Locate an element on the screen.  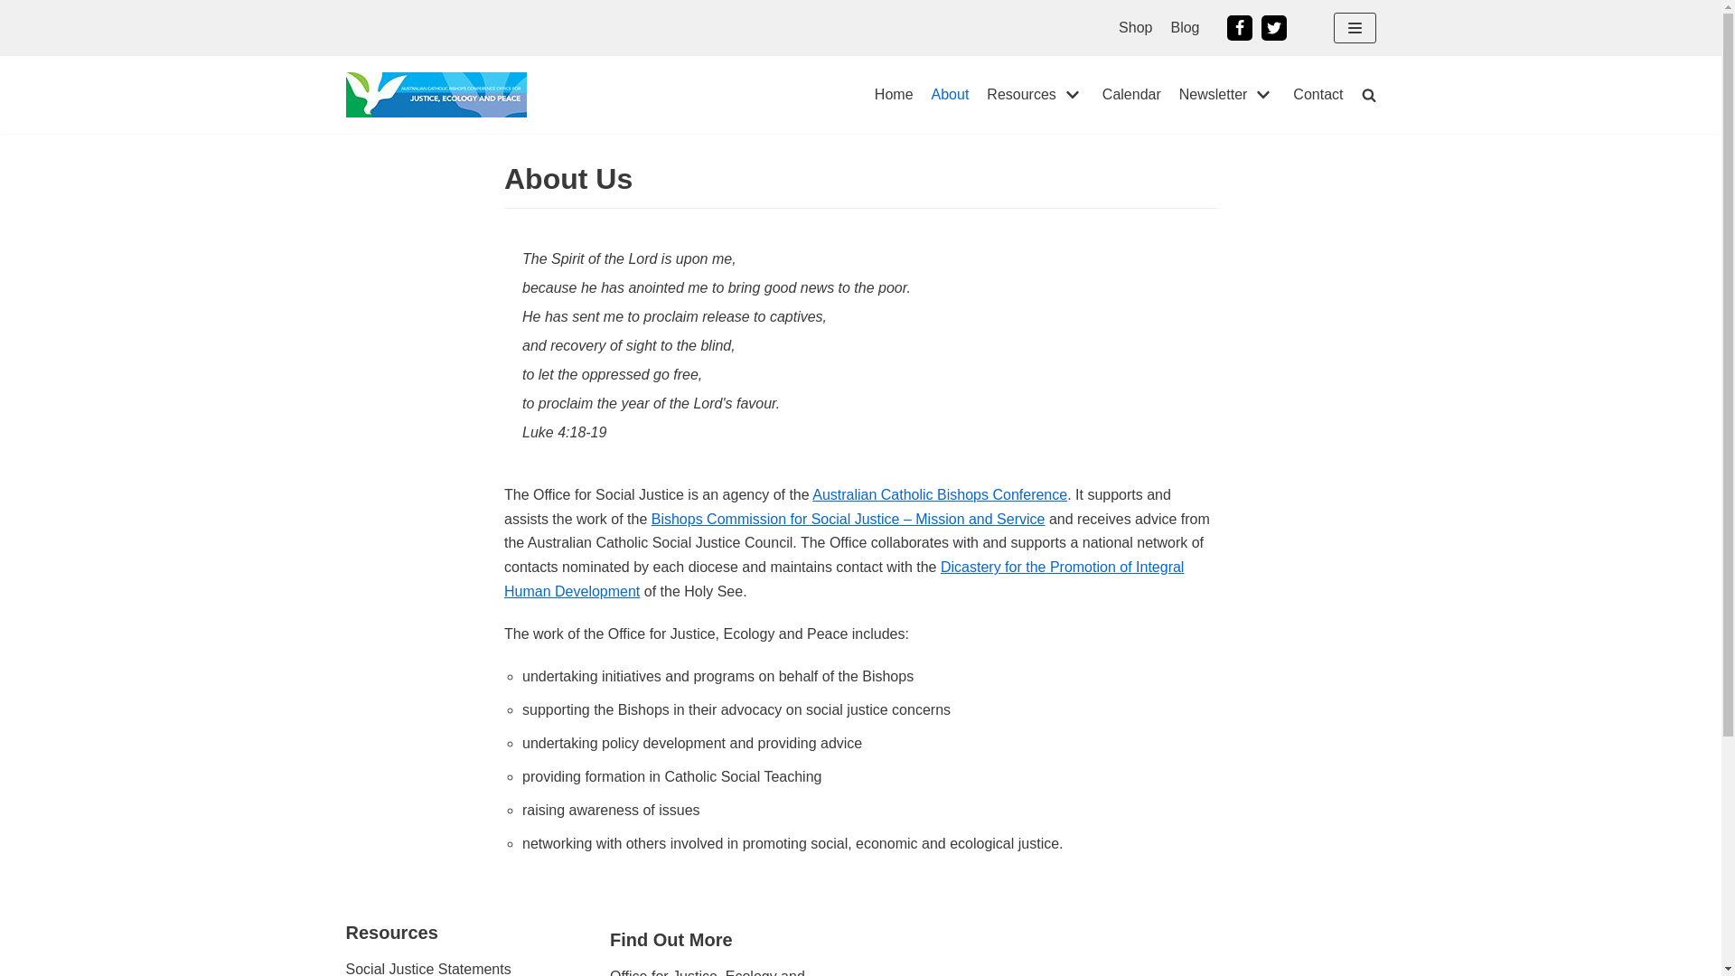
'Skip to content' is located at coordinates (17, 9).